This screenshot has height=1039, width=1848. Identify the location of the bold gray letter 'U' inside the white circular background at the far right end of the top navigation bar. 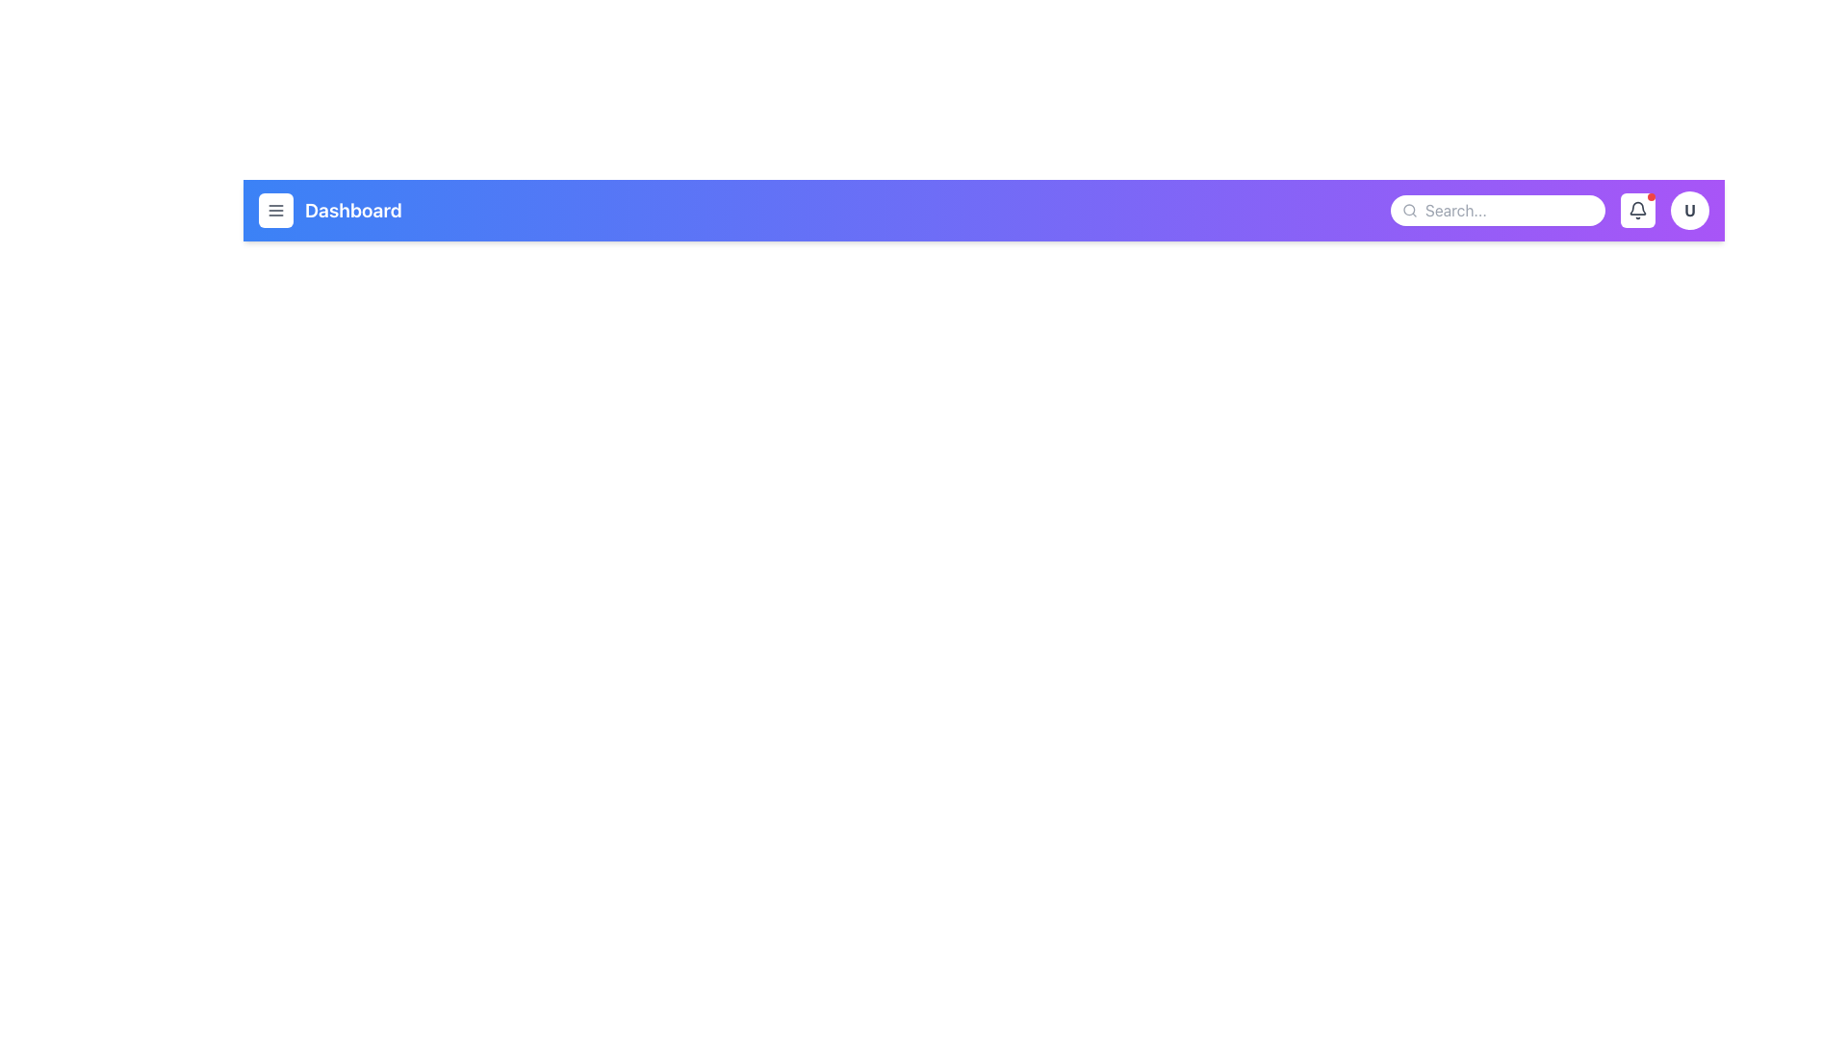
(1689, 211).